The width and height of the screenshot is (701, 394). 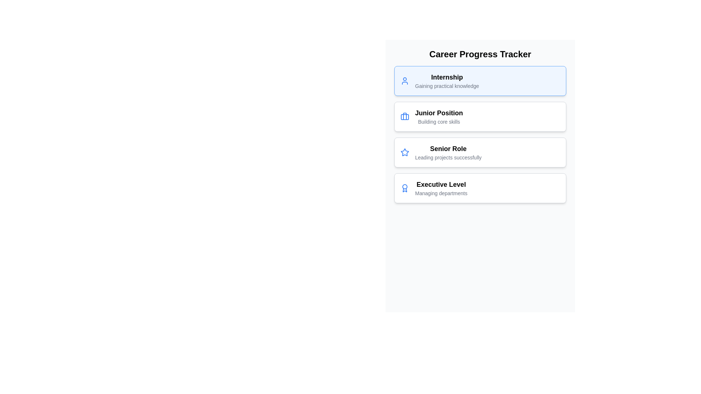 I want to click on the 'Internship' stage card in the Career Progress Tracker, so click(x=480, y=81).